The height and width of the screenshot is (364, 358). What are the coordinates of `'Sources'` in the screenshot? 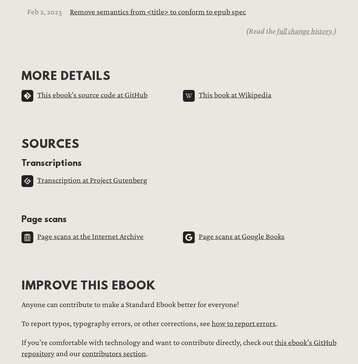 It's located at (50, 142).